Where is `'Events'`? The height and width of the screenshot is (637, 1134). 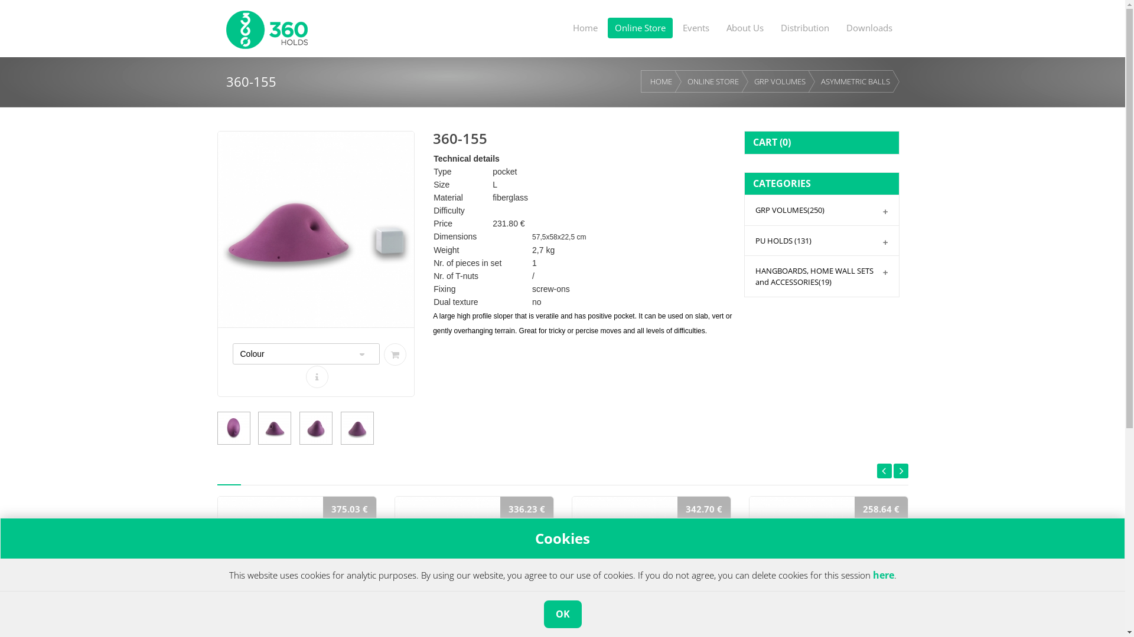
'Events' is located at coordinates (675, 27).